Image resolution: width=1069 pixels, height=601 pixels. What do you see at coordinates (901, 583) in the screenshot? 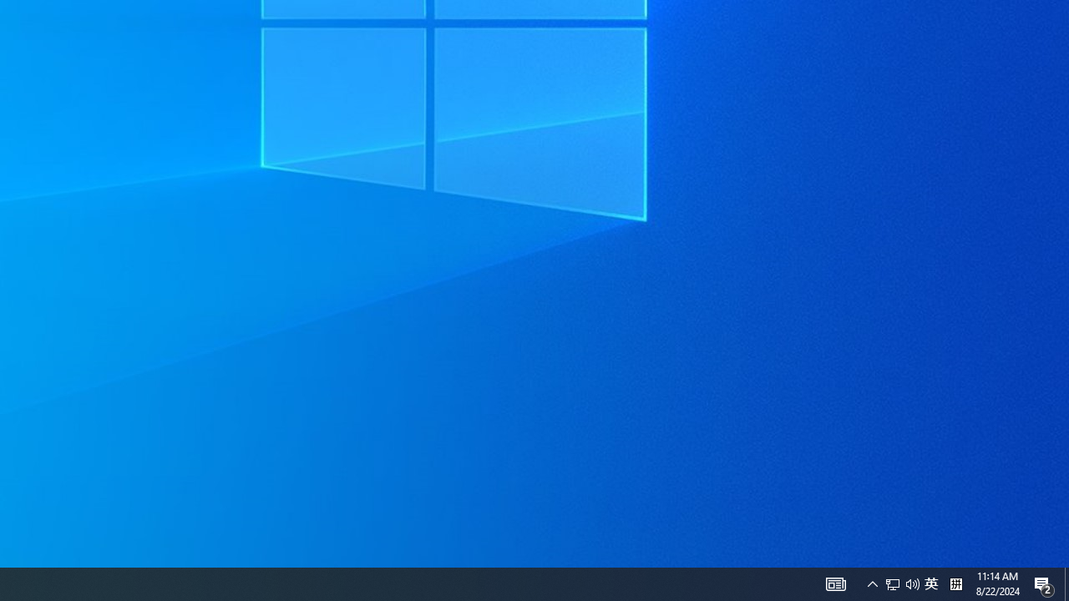
I see `'User Promoted Notification Area'` at bounding box center [901, 583].